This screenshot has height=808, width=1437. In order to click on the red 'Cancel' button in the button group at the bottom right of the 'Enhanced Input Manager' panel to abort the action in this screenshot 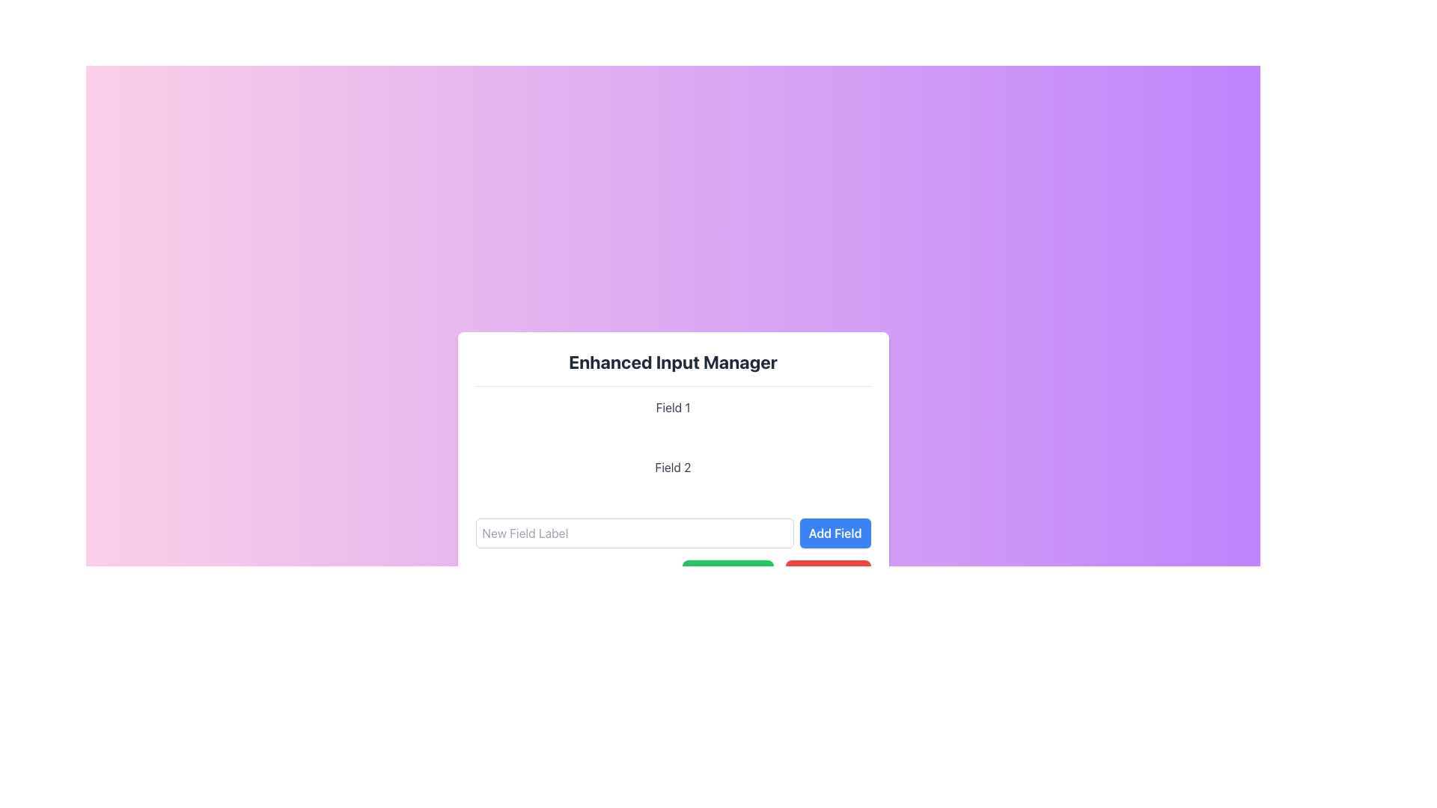, I will do `click(672, 574)`.